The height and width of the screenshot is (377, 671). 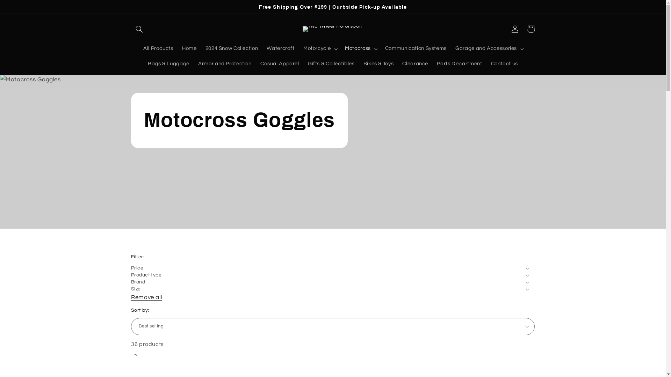 I want to click on 'Contact us', so click(x=504, y=64).